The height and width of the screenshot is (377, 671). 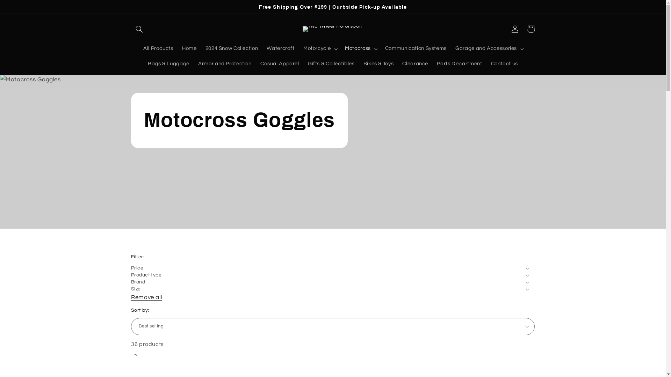 I want to click on 'Contact us', so click(x=504, y=64).